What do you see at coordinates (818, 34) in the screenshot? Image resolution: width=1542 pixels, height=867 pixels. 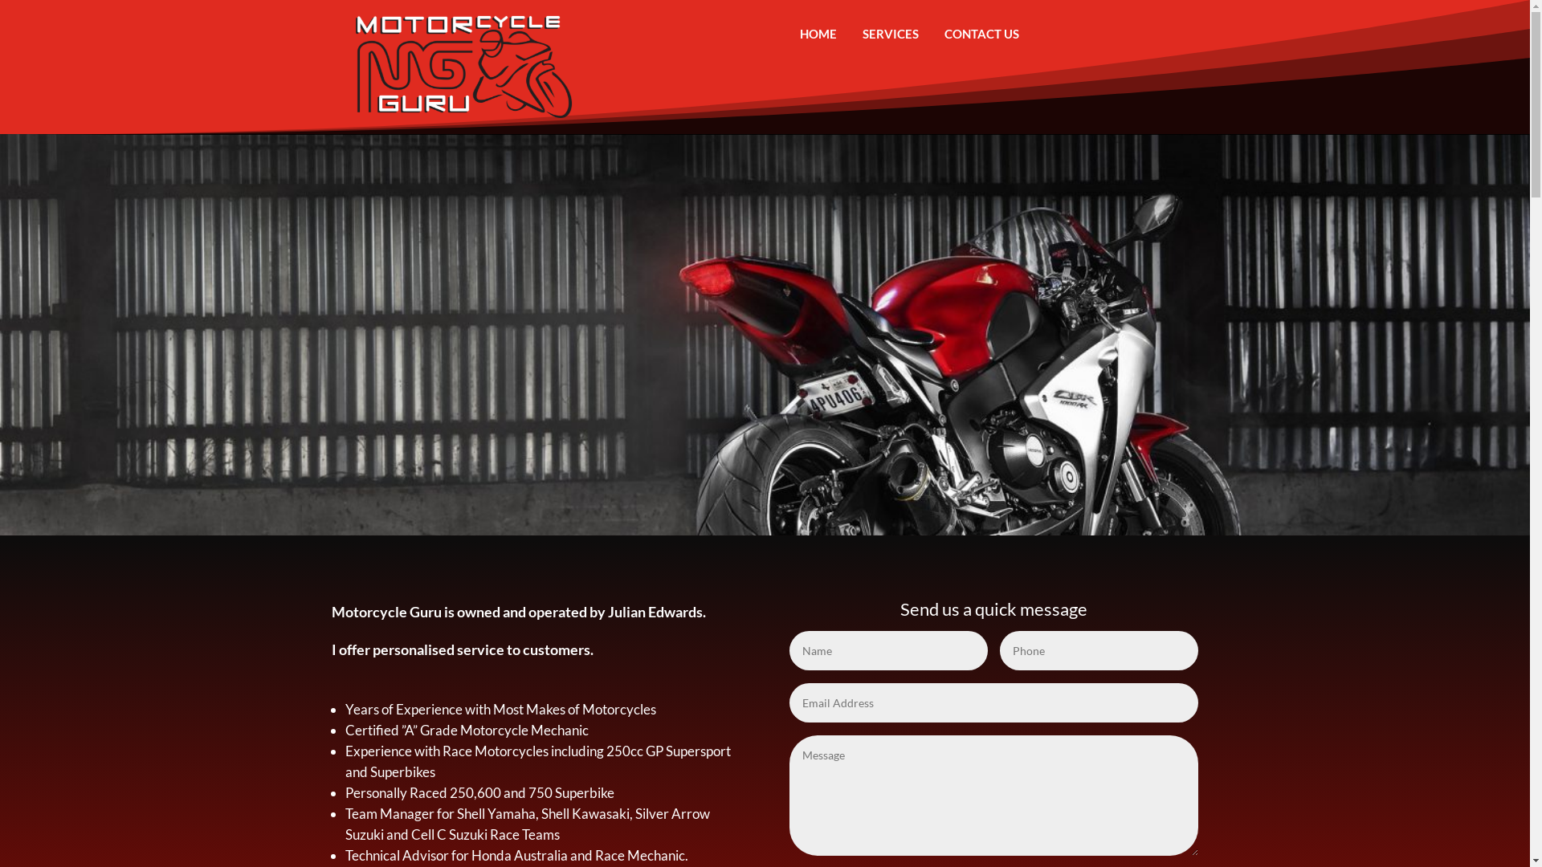 I see `'HOME'` at bounding box center [818, 34].